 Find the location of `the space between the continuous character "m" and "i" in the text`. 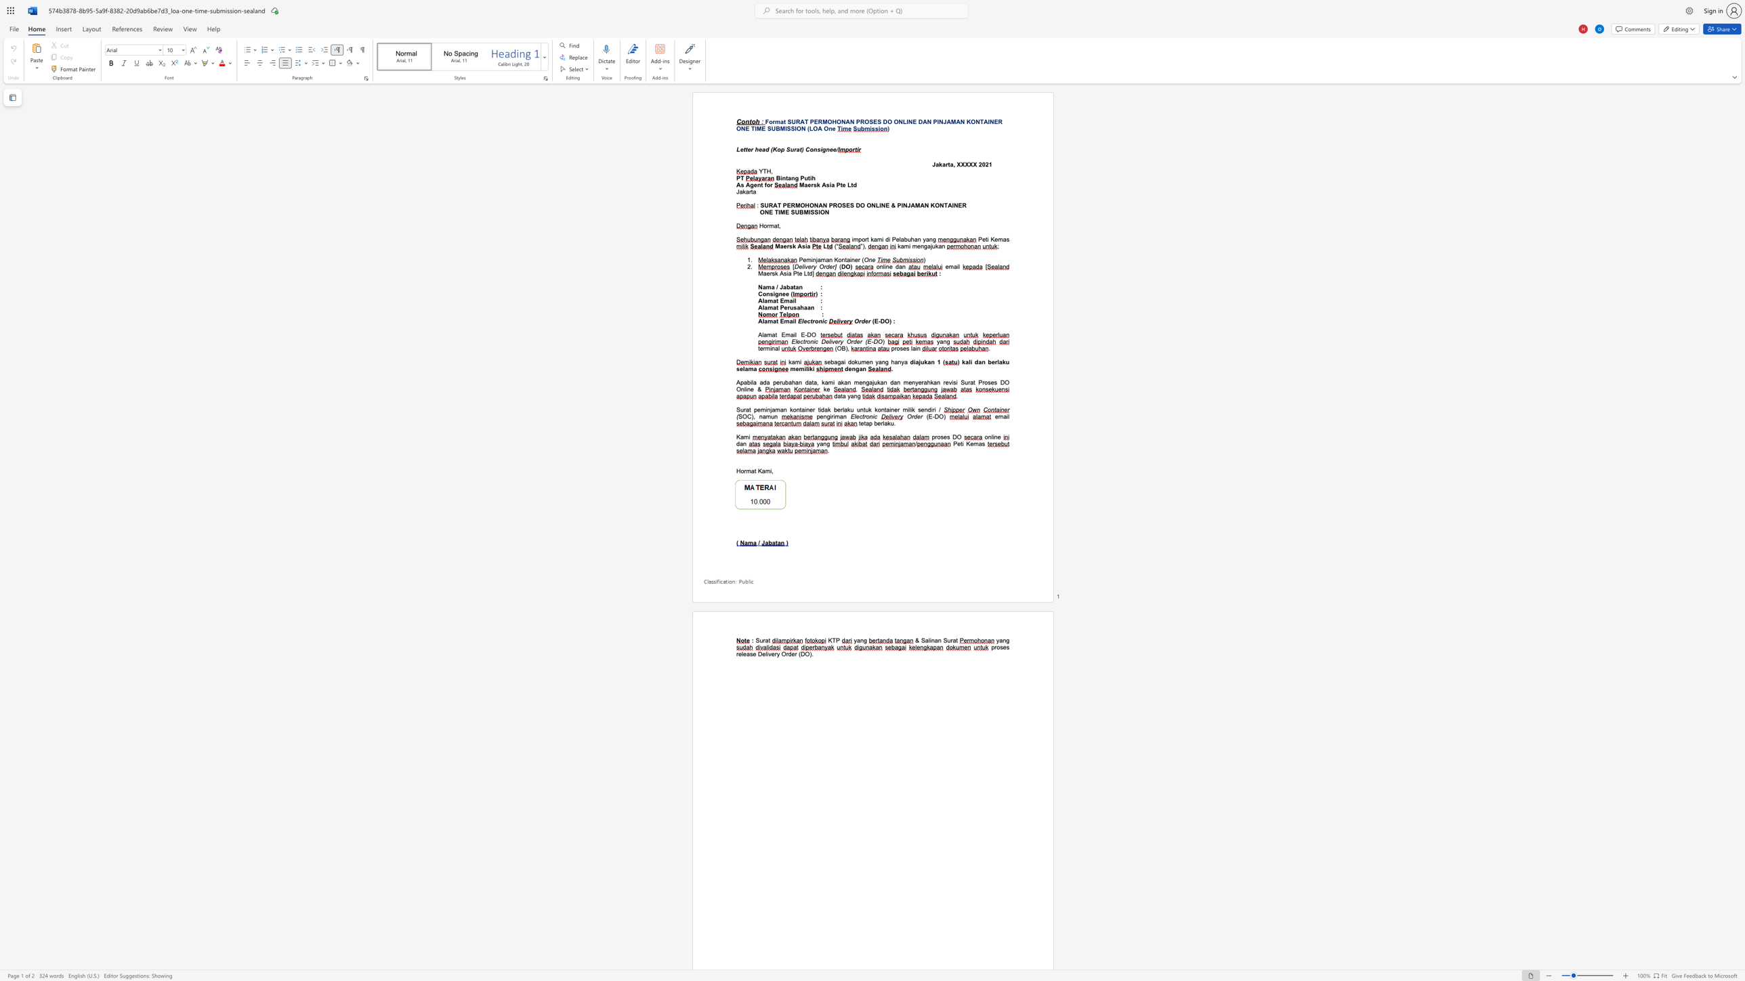

the space between the continuous character "m" and "i" in the text is located at coordinates (803, 368).